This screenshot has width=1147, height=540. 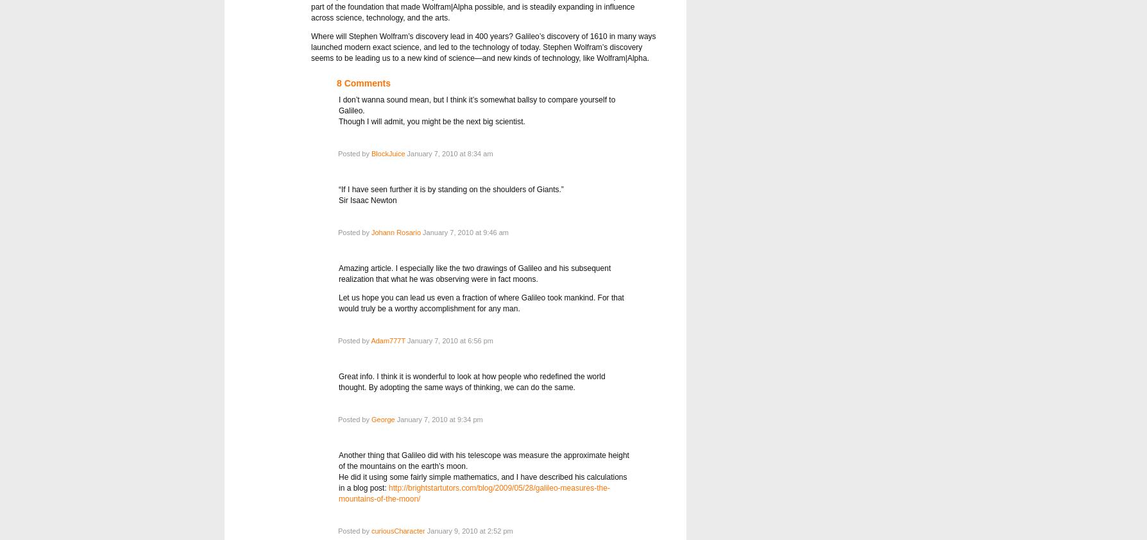 What do you see at coordinates (363, 82) in the screenshot?
I see `'8 Comments'` at bounding box center [363, 82].